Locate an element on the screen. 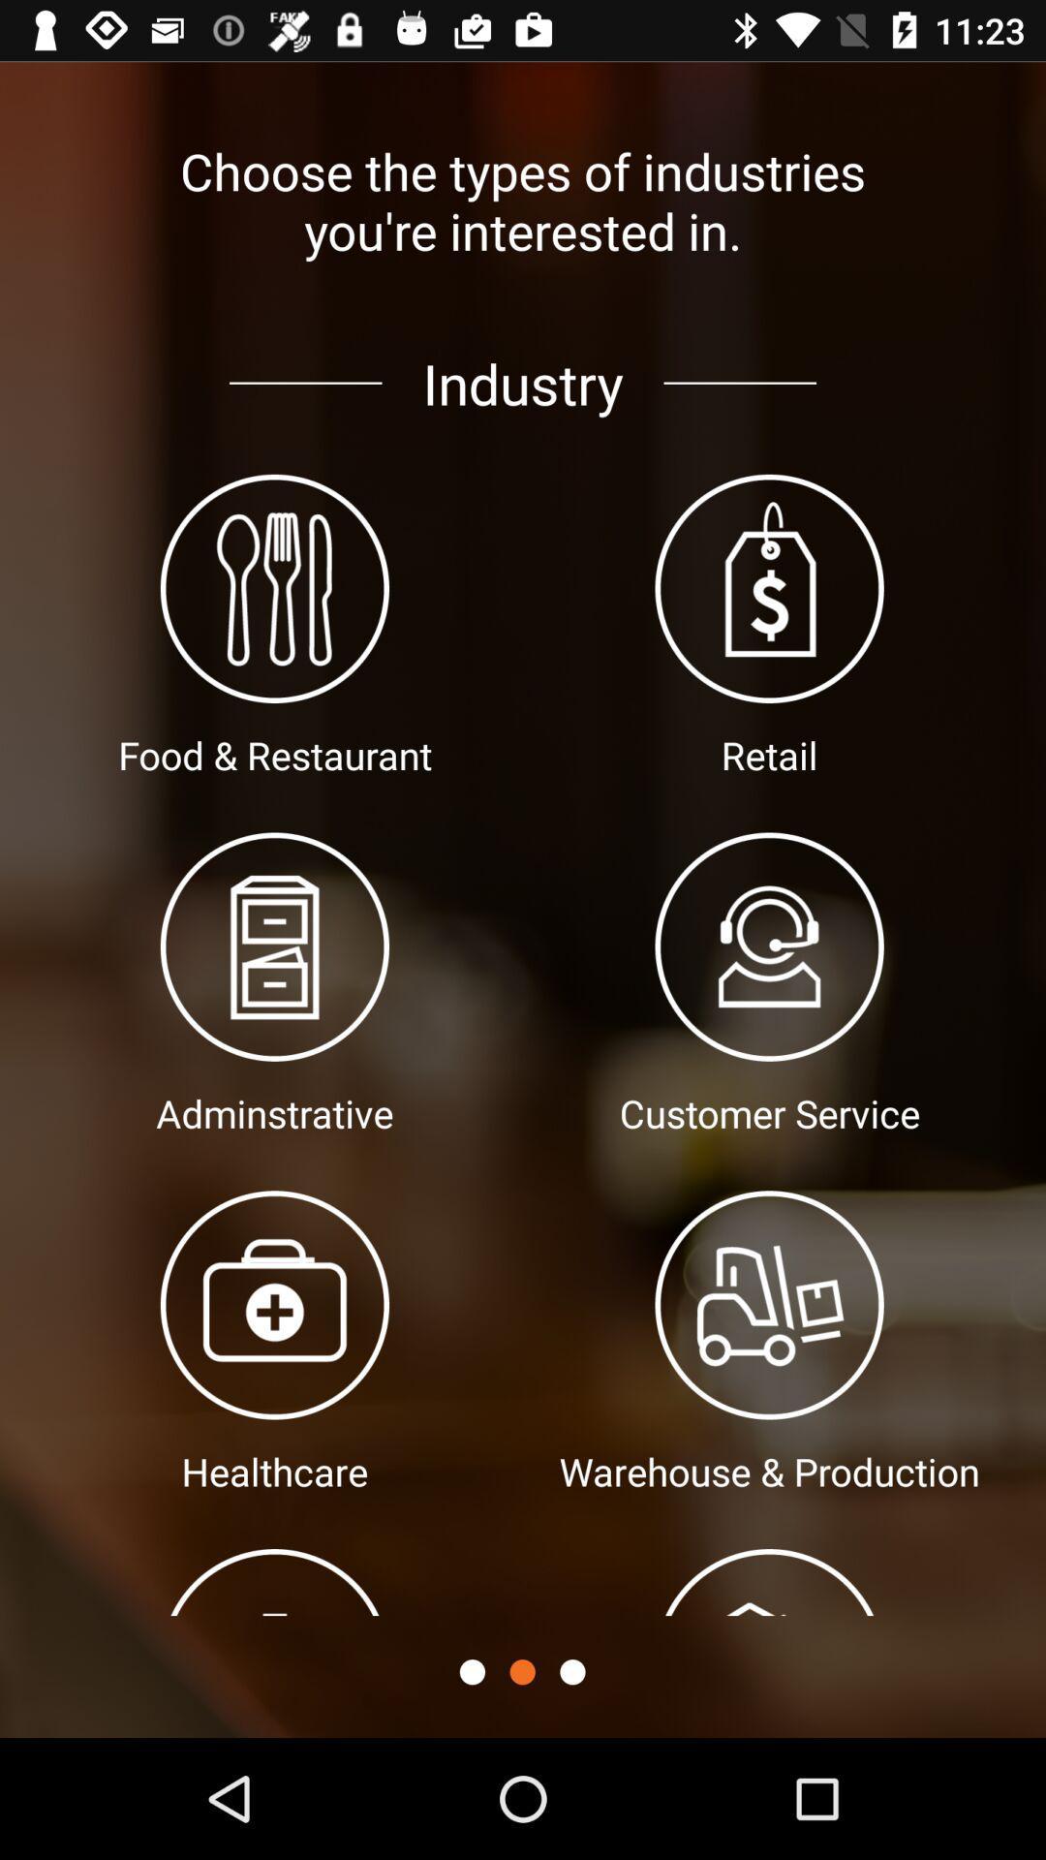 This screenshot has width=1046, height=1860. scroll to next screen is located at coordinates (571, 1671).